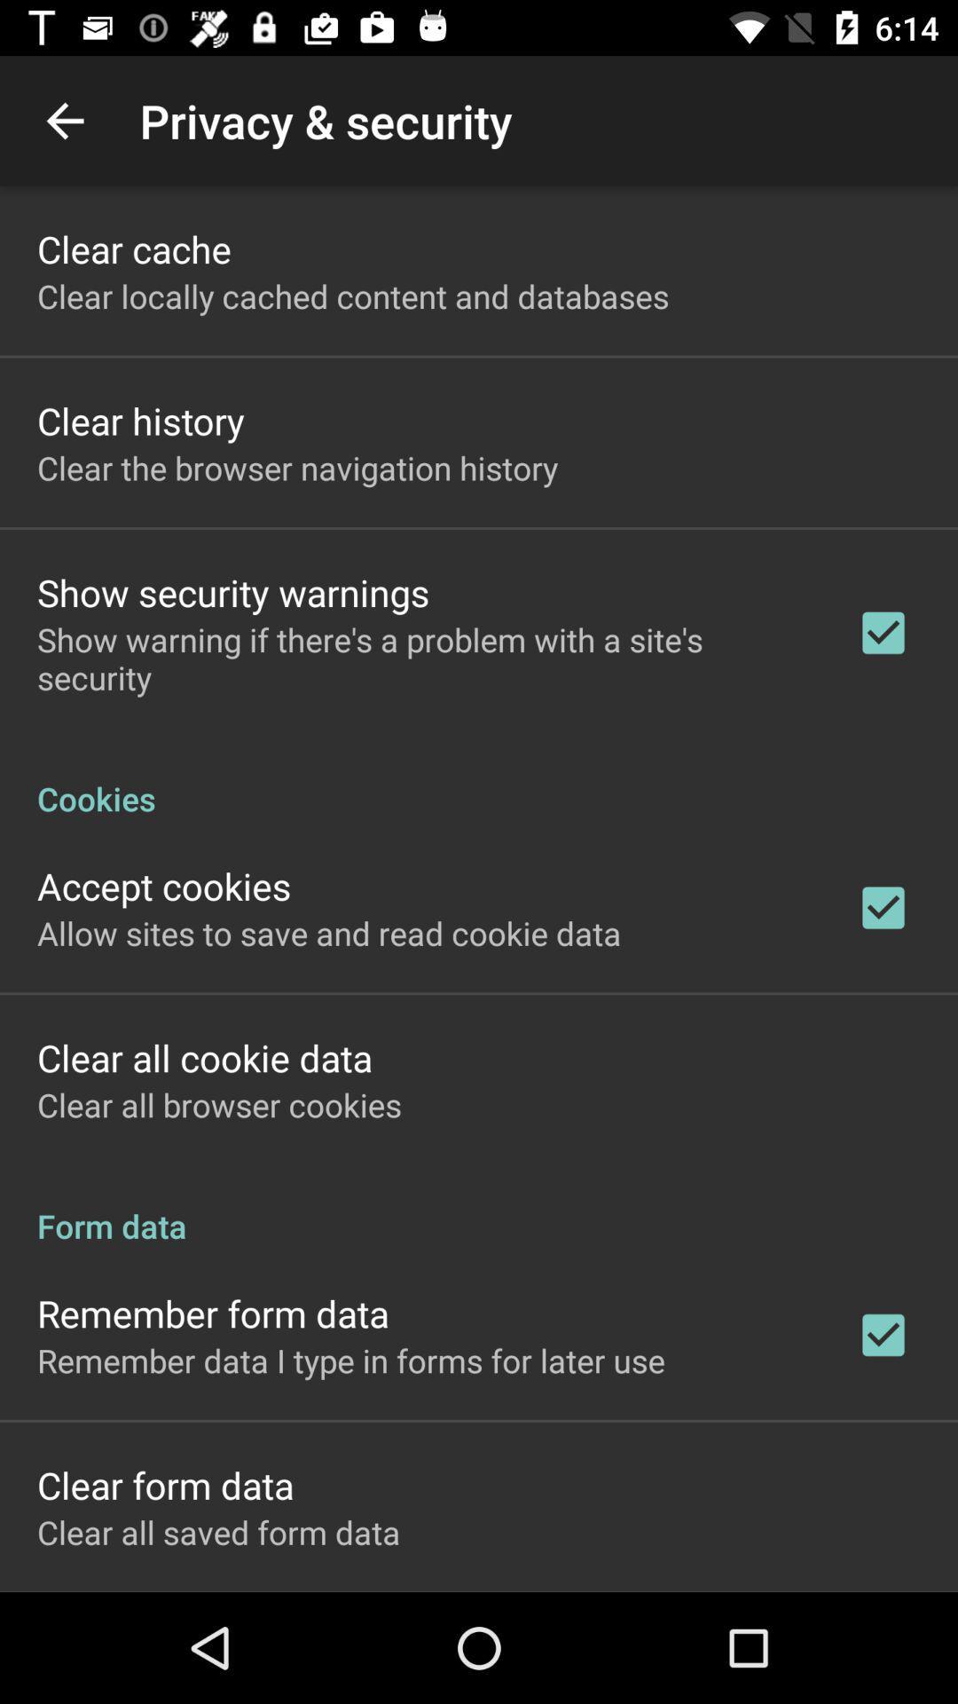 Image resolution: width=958 pixels, height=1704 pixels. I want to click on the accept cookies app, so click(164, 886).